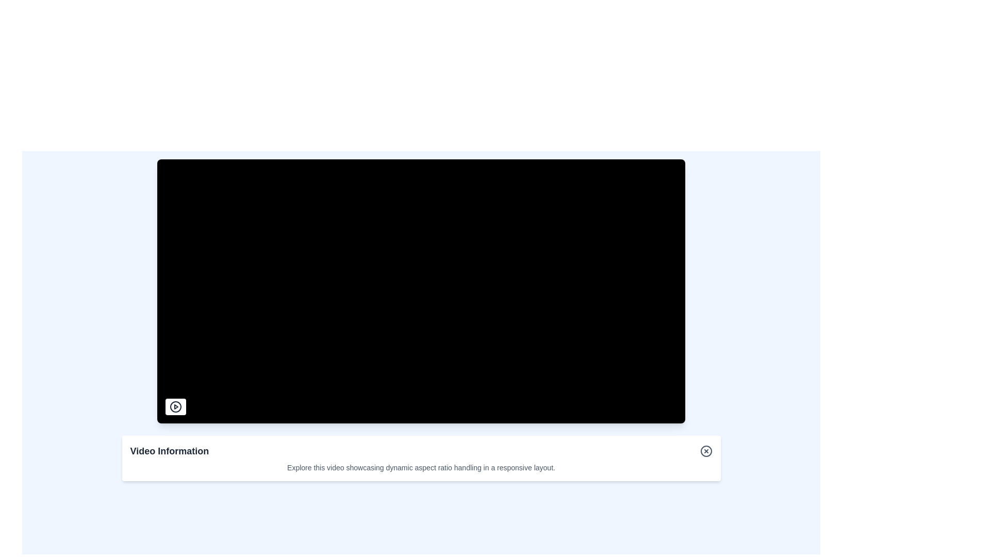 This screenshot has width=990, height=557. Describe the element at coordinates (705, 451) in the screenshot. I see `the circular gray 'X' button located at the far-right edge of the 'Video Information' section` at that location.